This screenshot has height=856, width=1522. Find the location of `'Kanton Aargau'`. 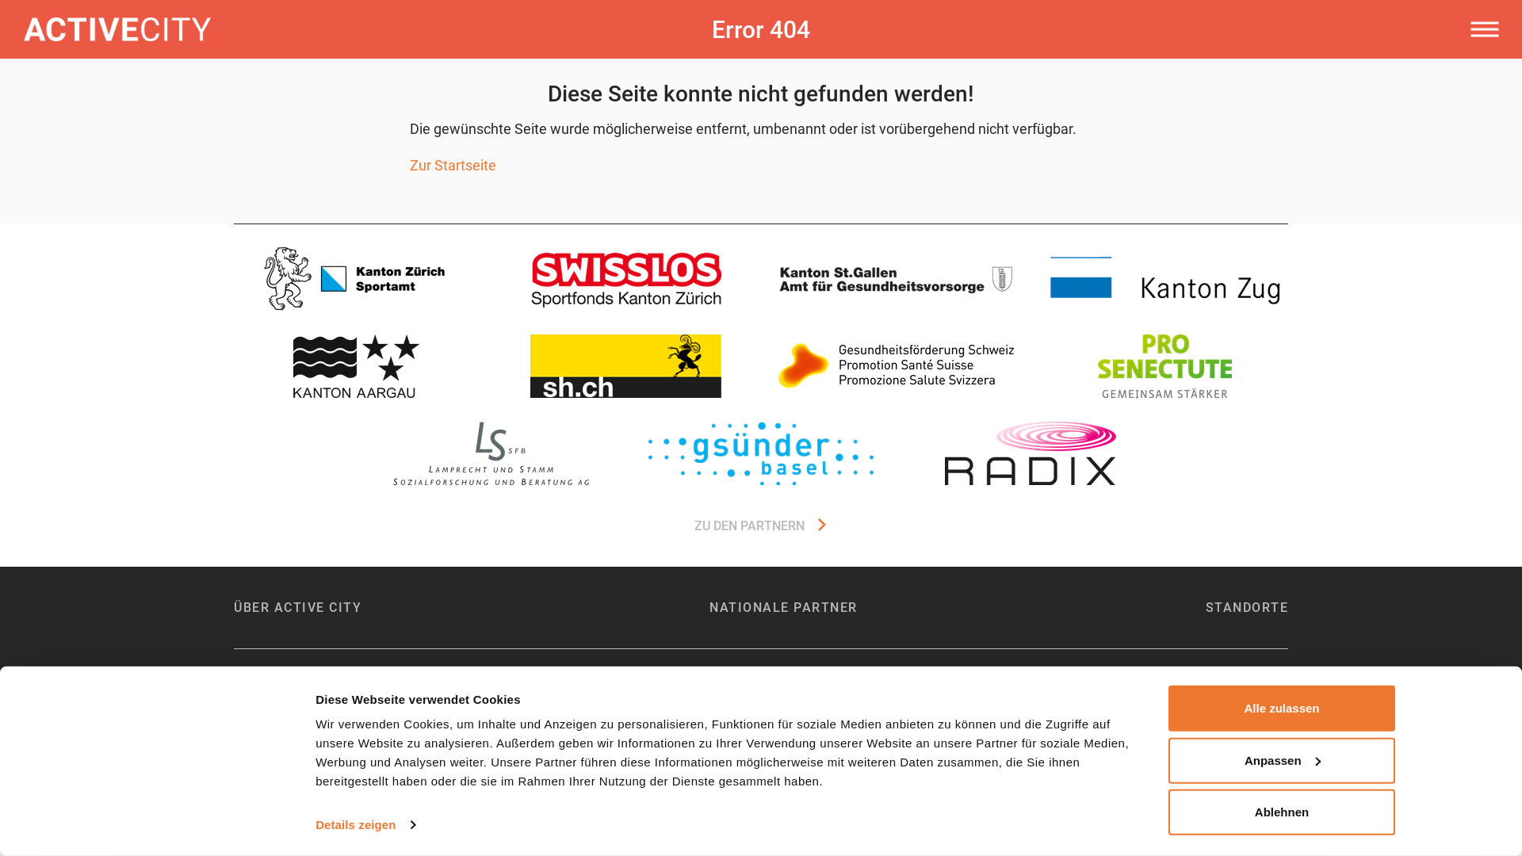

'Kanton Aargau' is located at coordinates (356, 366).